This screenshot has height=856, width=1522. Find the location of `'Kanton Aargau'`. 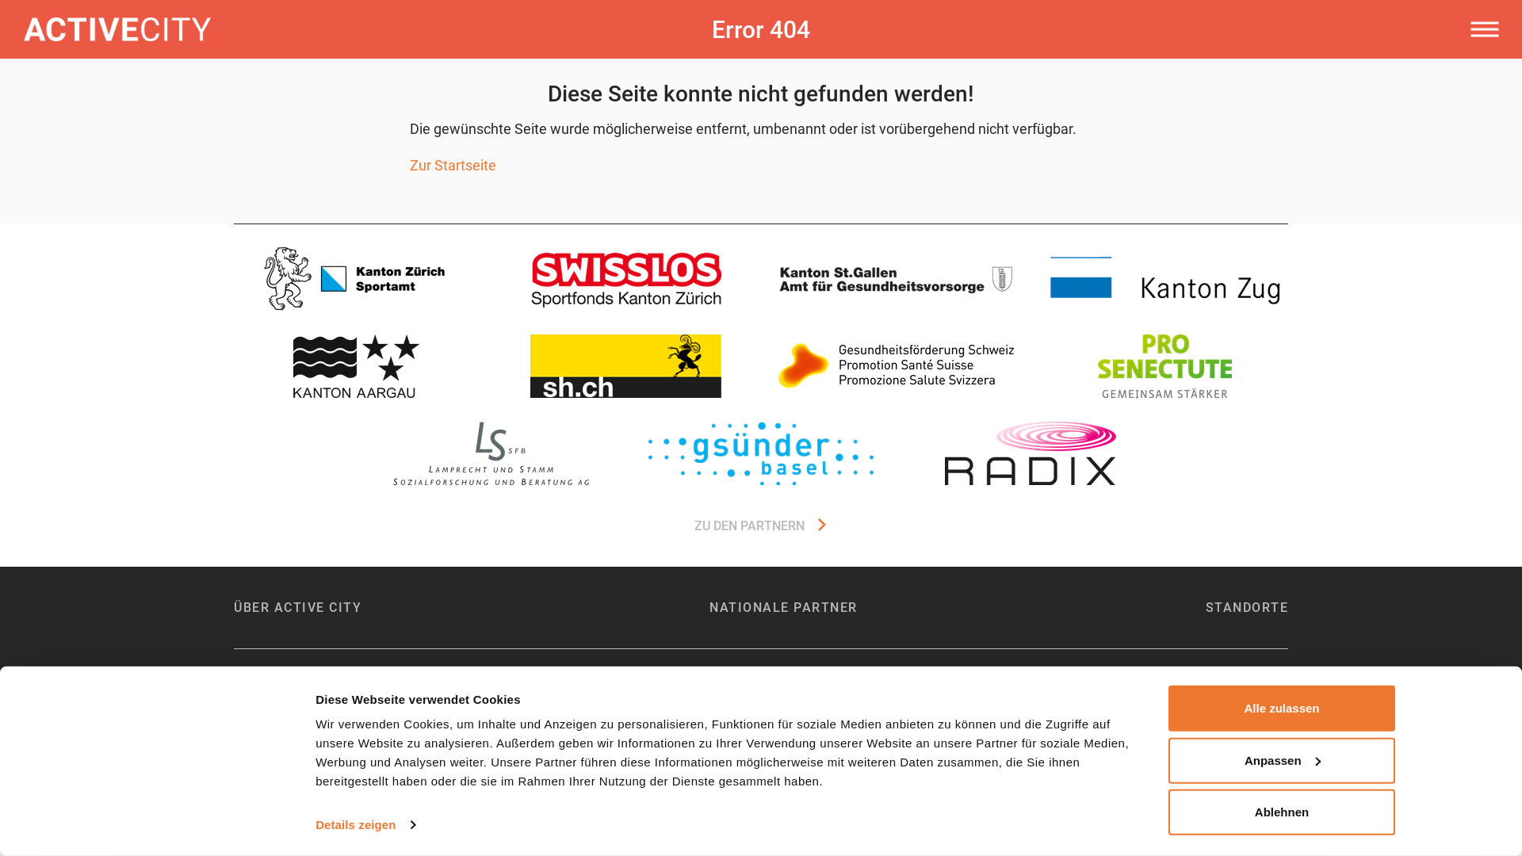

'Kanton Aargau' is located at coordinates (356, 366).